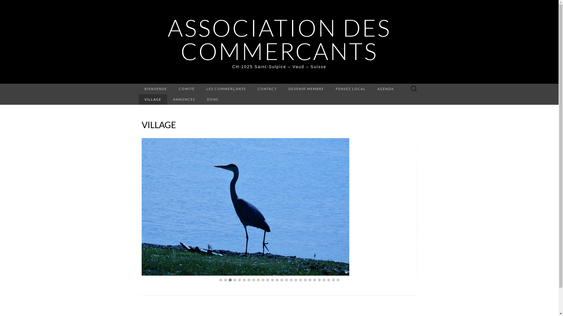 The width and height of the screenshot is (563, 316). Describe the element at coordinates (184, 99) in the screenshot. I see `'ANNONCES'` at that location.